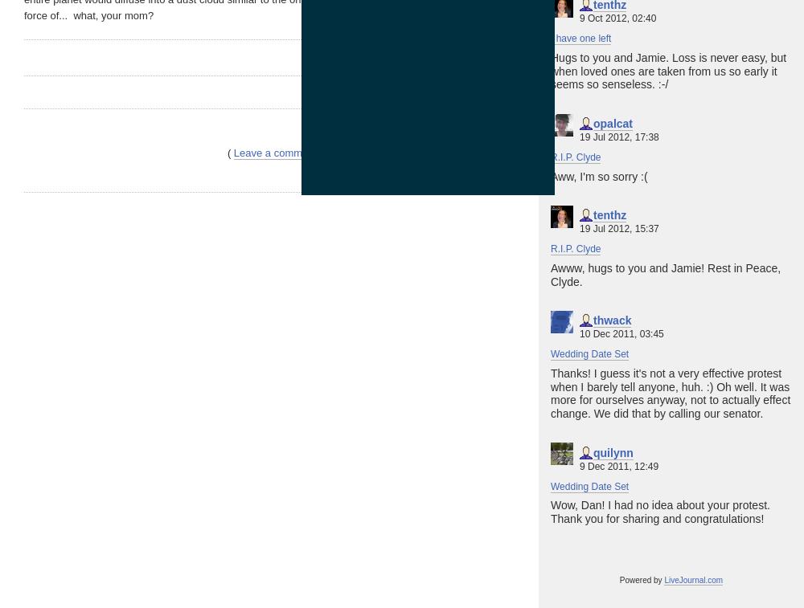  What do you see at coordinates (598, 175) in the screenshot?
I see `'Aww, I'm so sorry :('` at bounding box center [598, 175].